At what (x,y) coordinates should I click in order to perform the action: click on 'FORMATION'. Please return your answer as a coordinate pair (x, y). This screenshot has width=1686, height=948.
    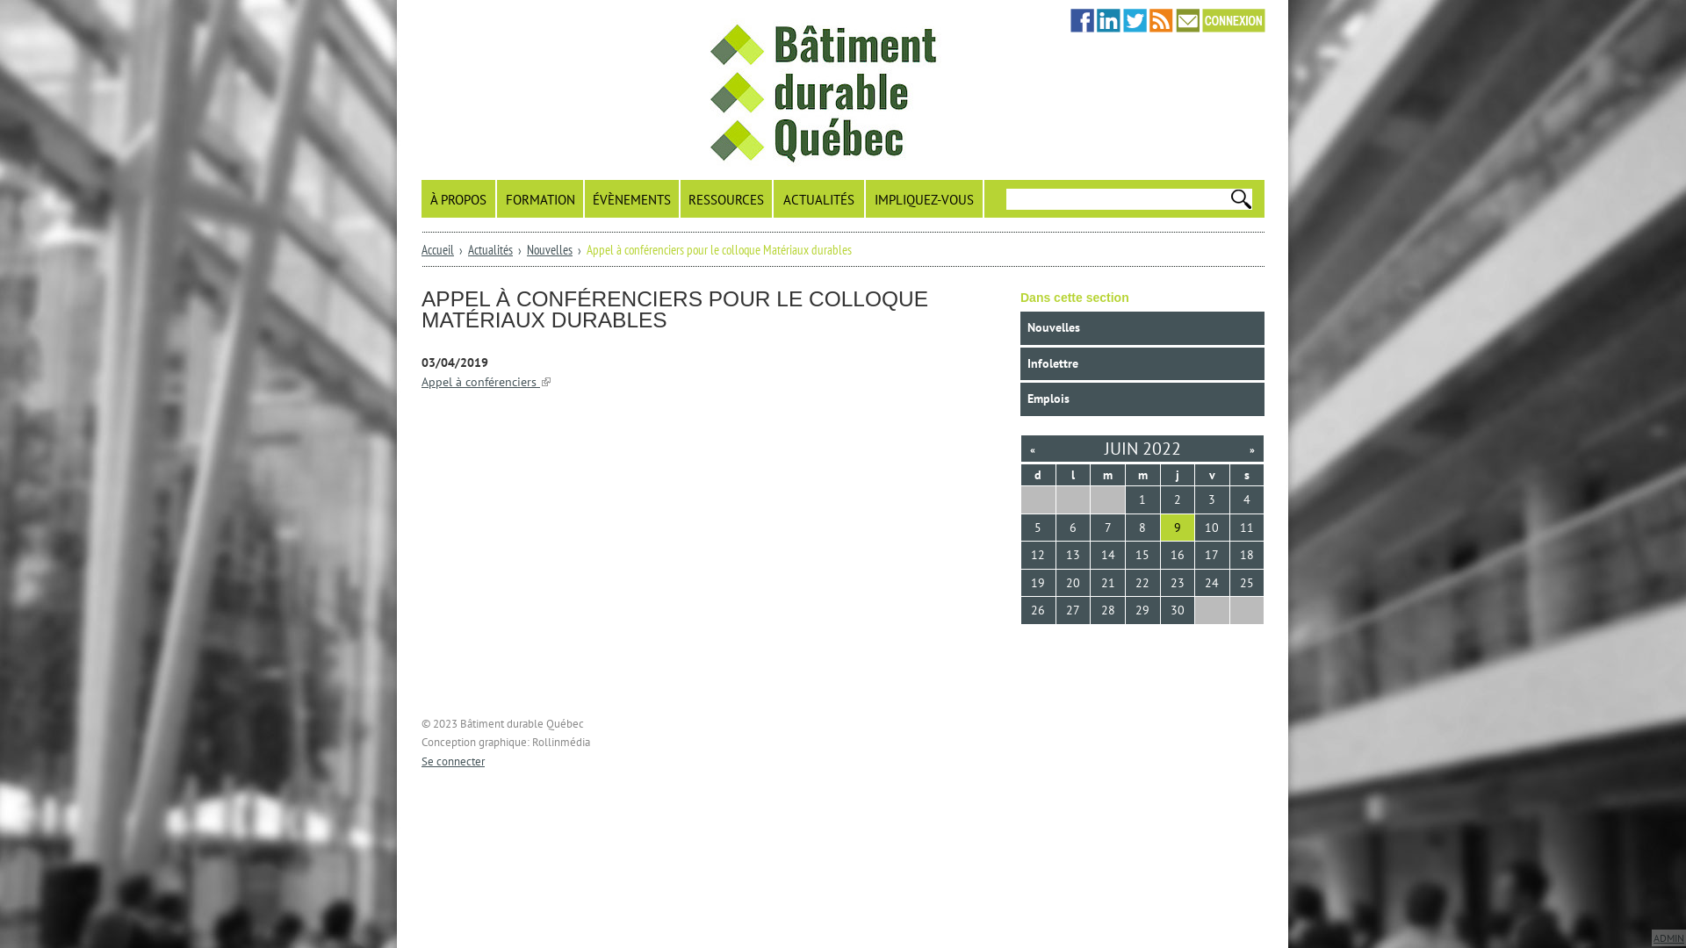
    Looking at the image, I should click on (539, 197).